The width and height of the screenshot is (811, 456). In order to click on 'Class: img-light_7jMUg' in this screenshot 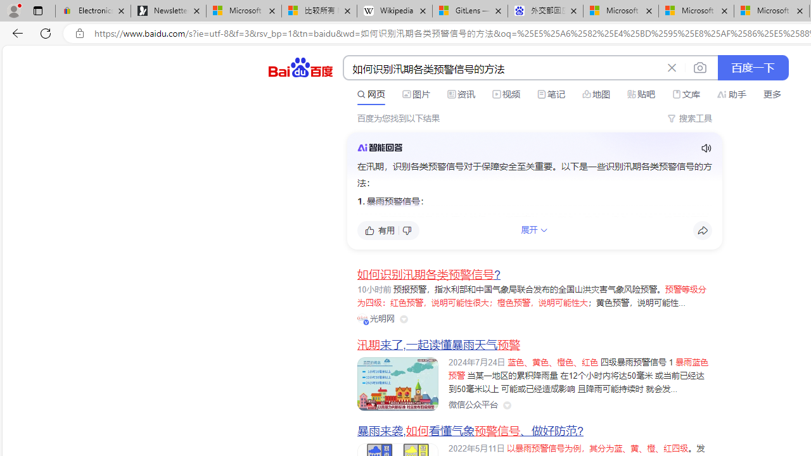, I will do `click(379, 146)`.